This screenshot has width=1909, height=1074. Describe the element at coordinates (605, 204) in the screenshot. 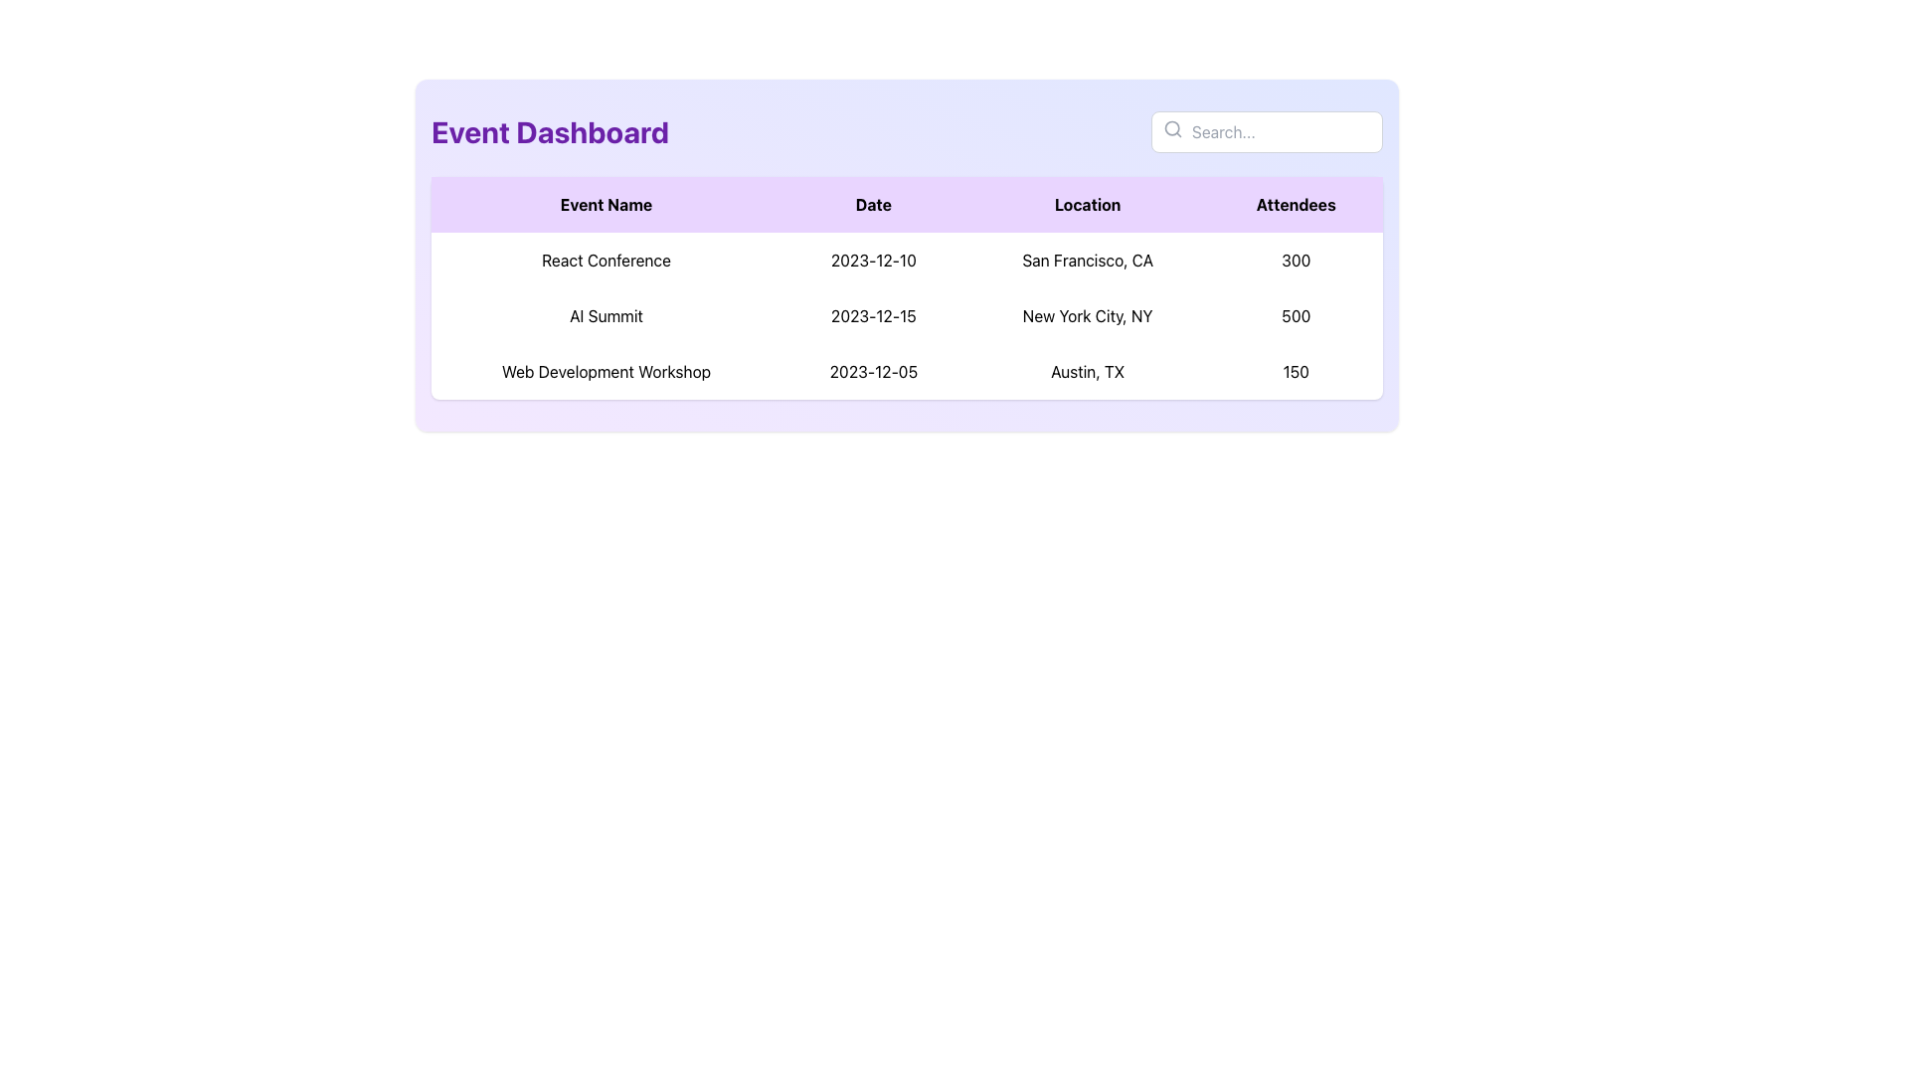

I see `the first table column header that labels the event names` at that location.